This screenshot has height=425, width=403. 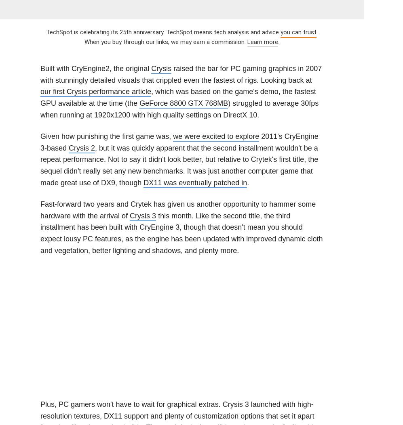 I want to click on 'Crysis 3', so click(x=129, y=215).